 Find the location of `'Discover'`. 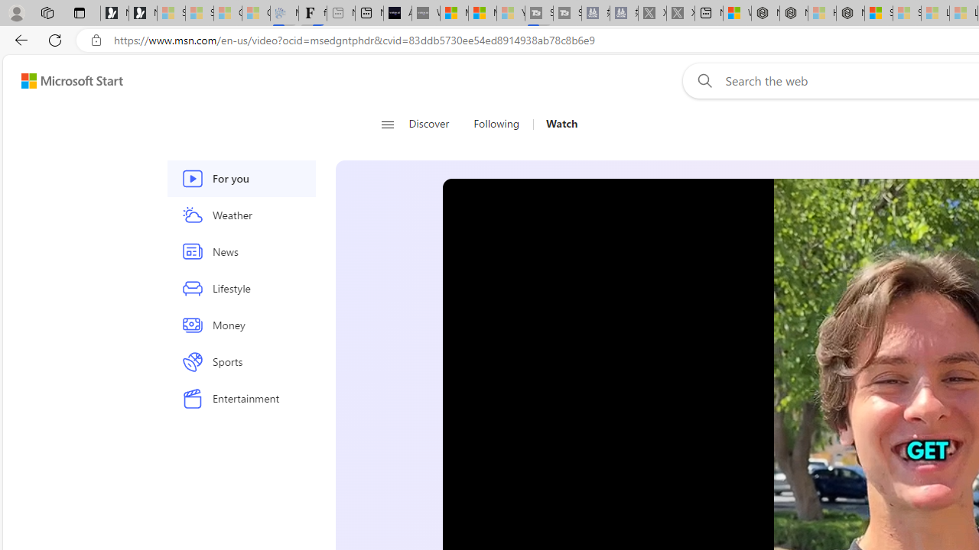

'Discover' is located at coordinates (428, 124).